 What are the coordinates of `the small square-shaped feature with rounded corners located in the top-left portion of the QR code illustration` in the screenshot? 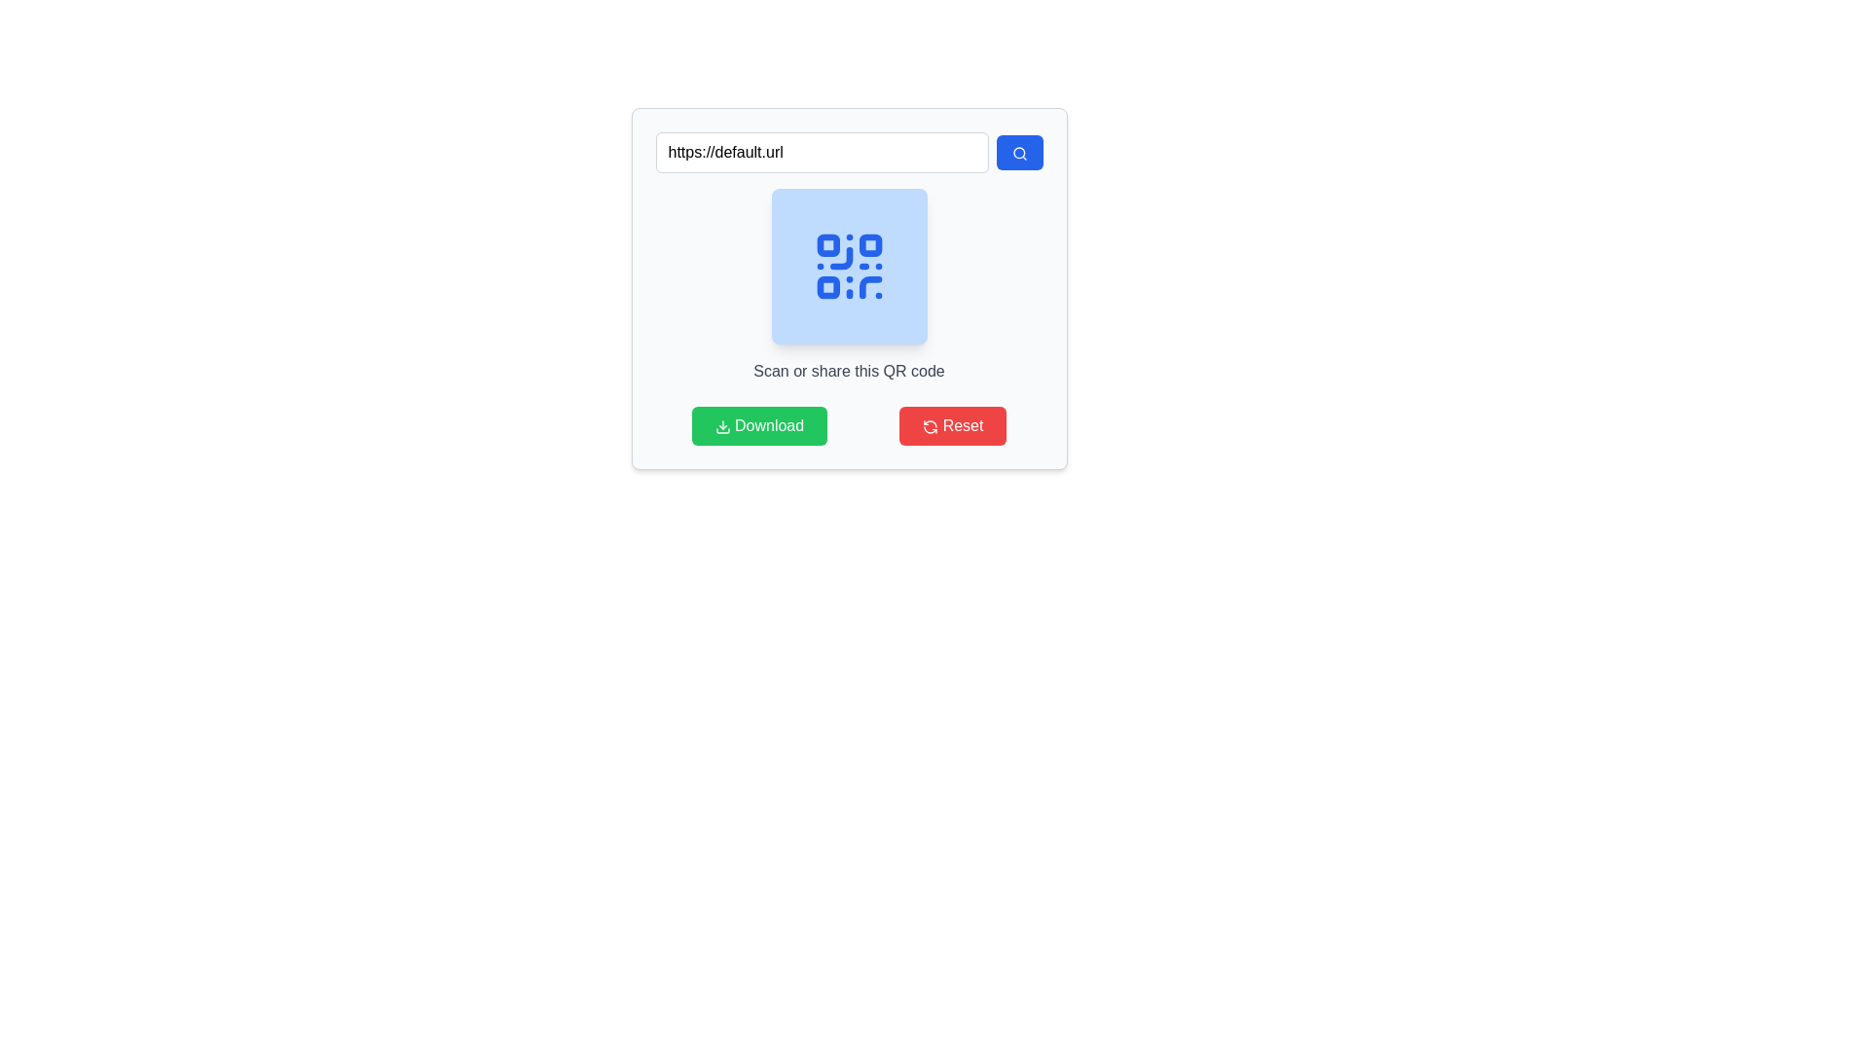 It's located at (827, 244).